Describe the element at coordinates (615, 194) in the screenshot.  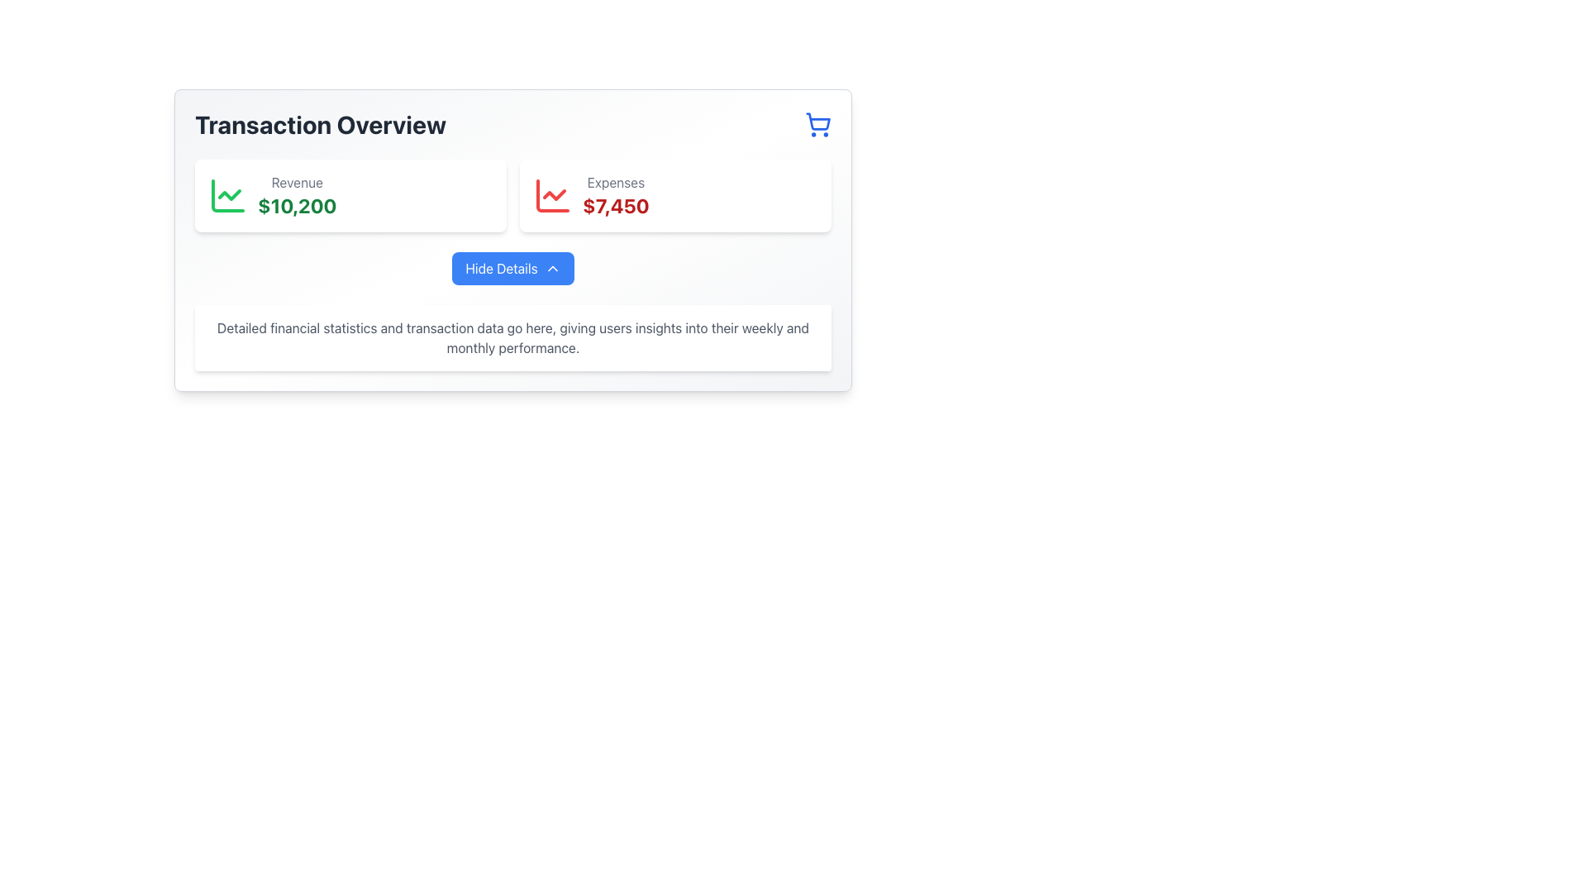
I see `the Information Display Block located in the upper right section of the 'Transaction Overview' card, which displays expense-related financial data and is the second block to the right of the Revenue block` at that location.